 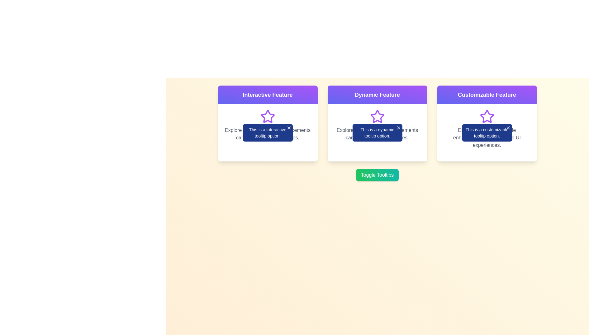 I want to click on the button with a green-to-teal gradient background and white text reading 'Toggle Tooltips', so click(x=377, y=175).